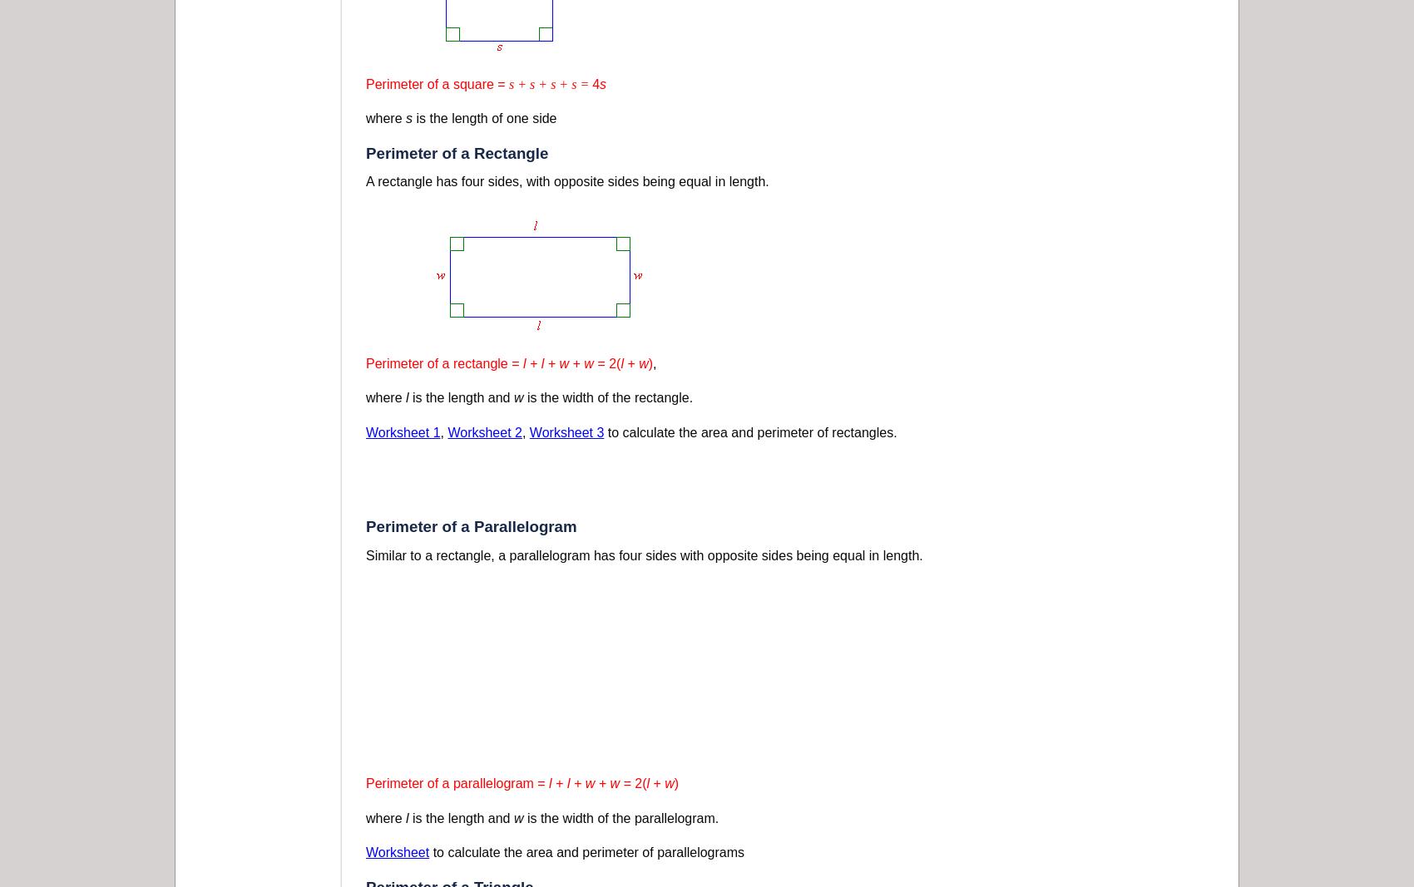  What do you see at coordinates (428, 852) in the screenshot?
I see `'to calculate the area and perimeter of parallelograms'` at bounding box center [428, 852].